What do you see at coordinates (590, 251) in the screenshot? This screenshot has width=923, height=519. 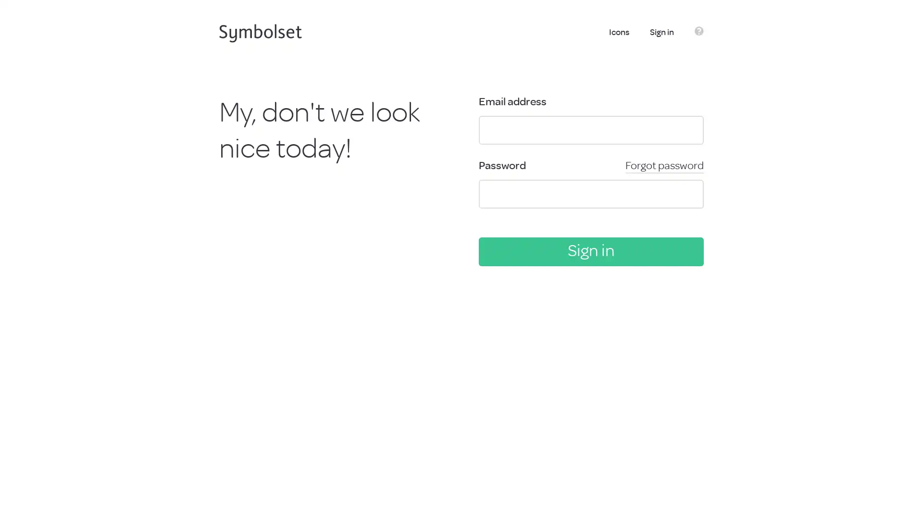 I see `Sign in` at bounding box center [590, 251].